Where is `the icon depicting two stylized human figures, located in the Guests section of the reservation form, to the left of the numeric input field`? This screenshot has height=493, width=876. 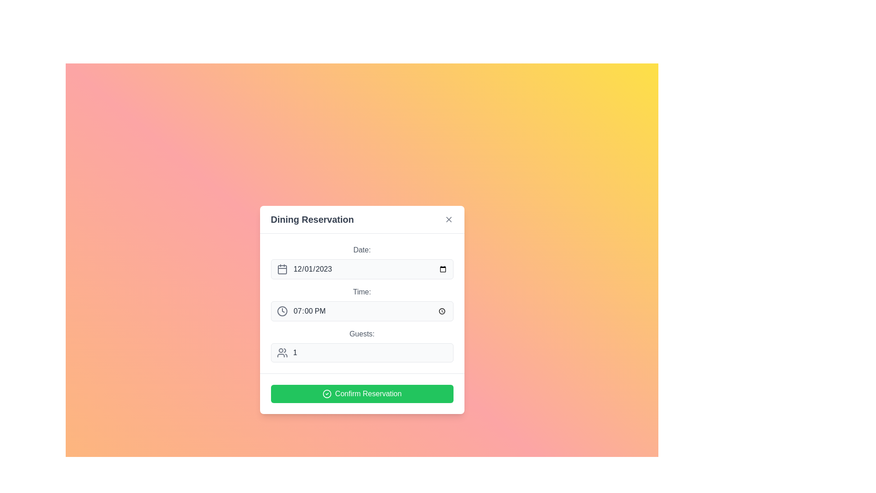 the icon depicting two stylized human figures, located in the Guests section of the reservation form, to the left of the numeric input field is located at coordinates (282, 352).